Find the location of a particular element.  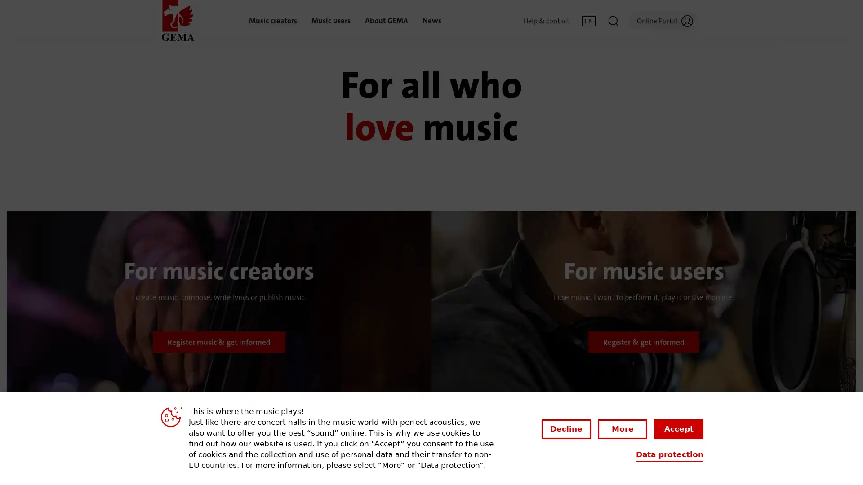

More is located at coordinates (622, 428).